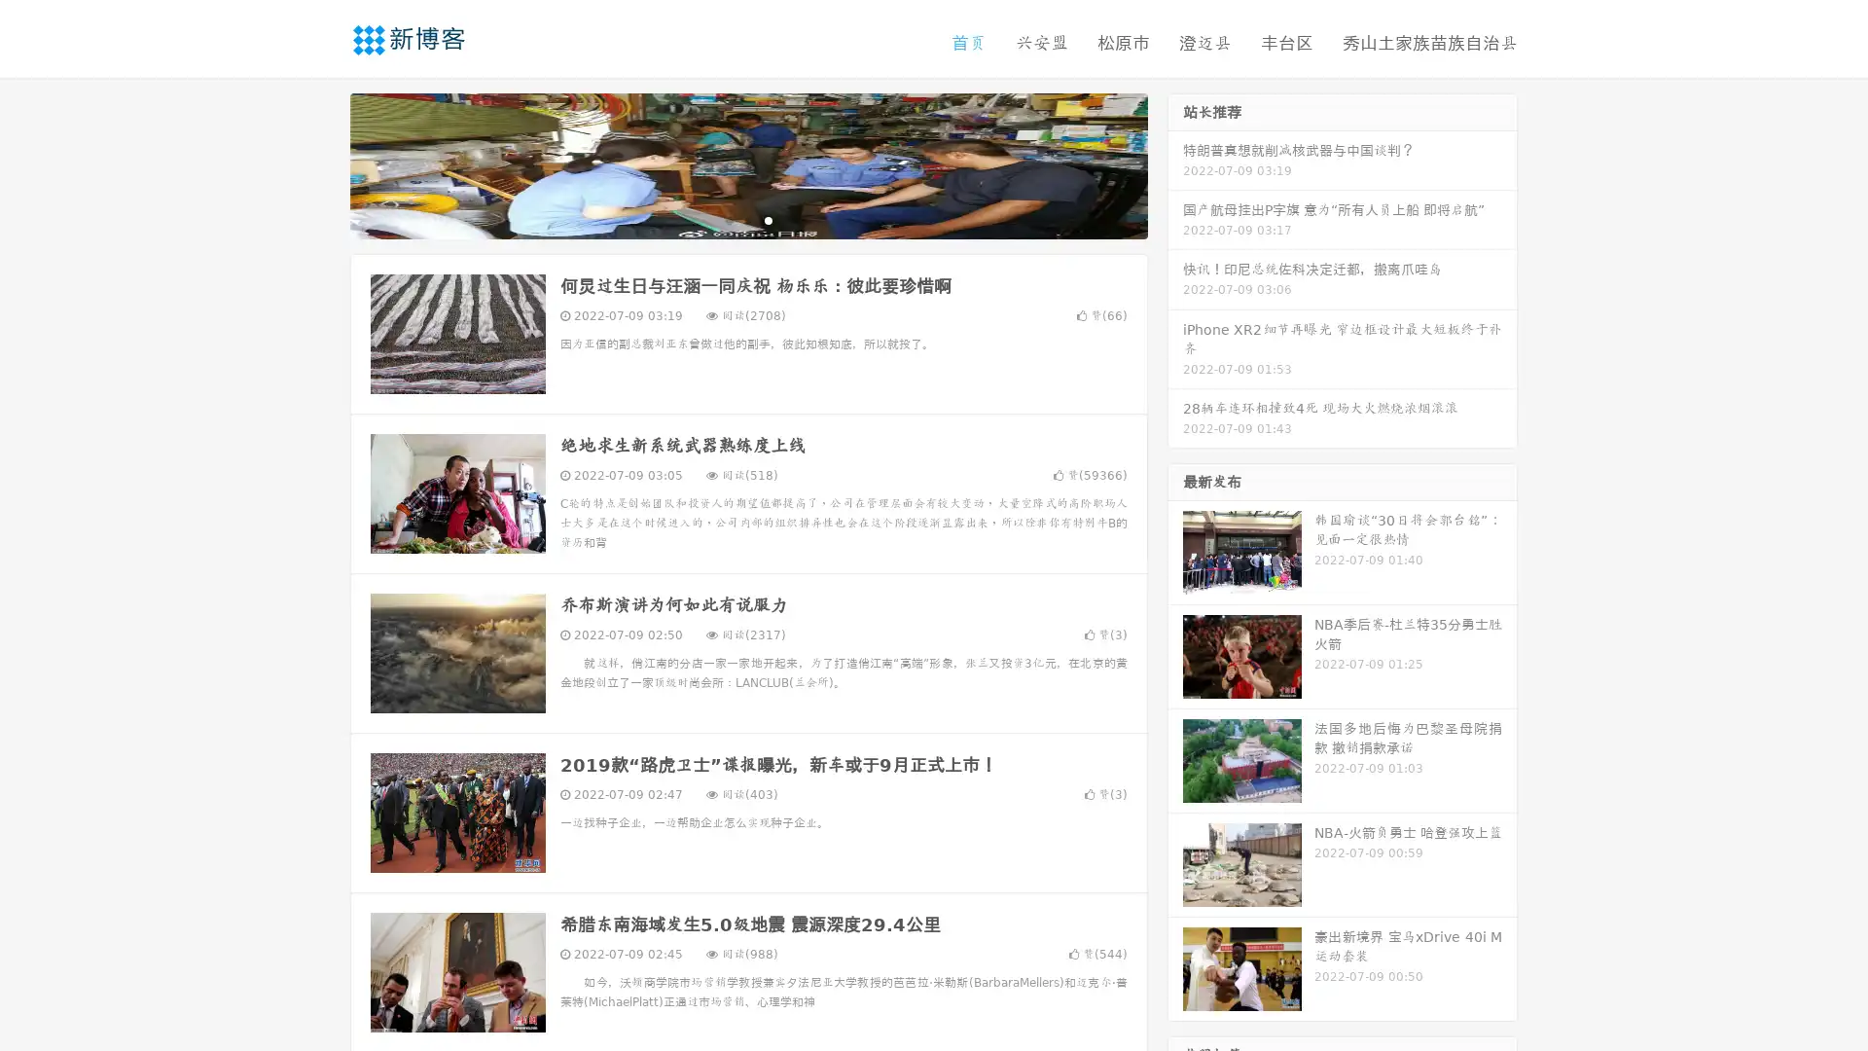 Image resolution: width=1868 pixels, height=1051 pixels. What do you see at coordinates (728, 219) in the screenshot?
I see `Go to slide 1` at bounding box center [728, 219].